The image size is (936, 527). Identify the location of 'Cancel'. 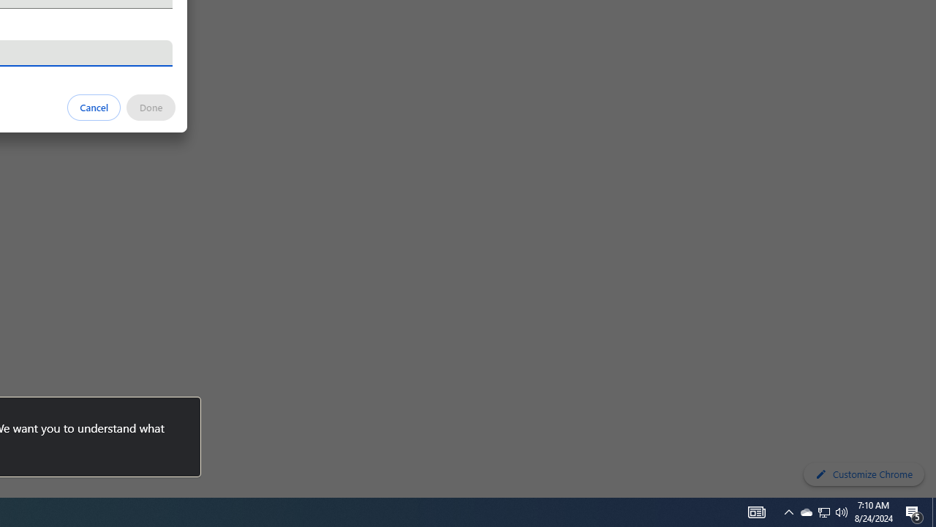
(94, 106).